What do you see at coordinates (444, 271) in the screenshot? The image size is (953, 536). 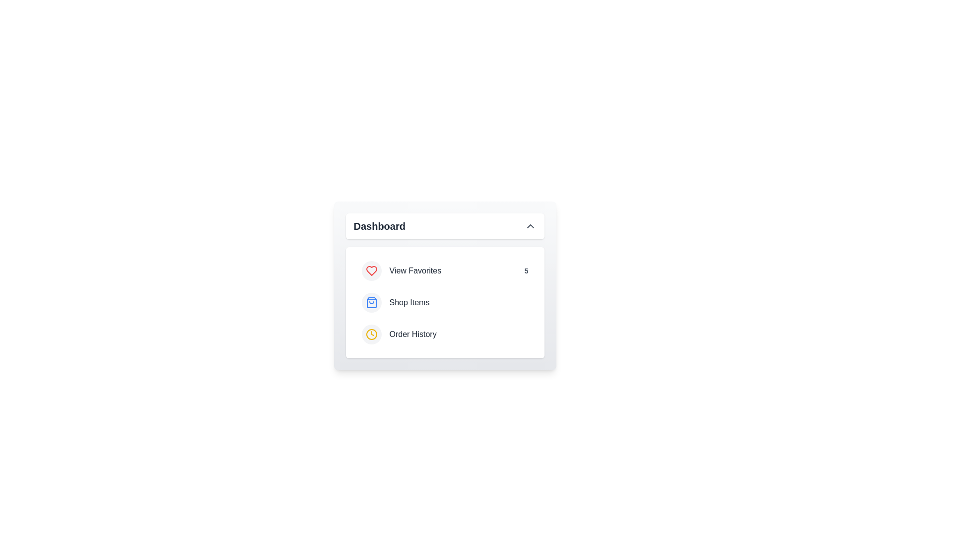 I see `the menu item View Favorites to observe feedback` at bounding box center [444, 271].